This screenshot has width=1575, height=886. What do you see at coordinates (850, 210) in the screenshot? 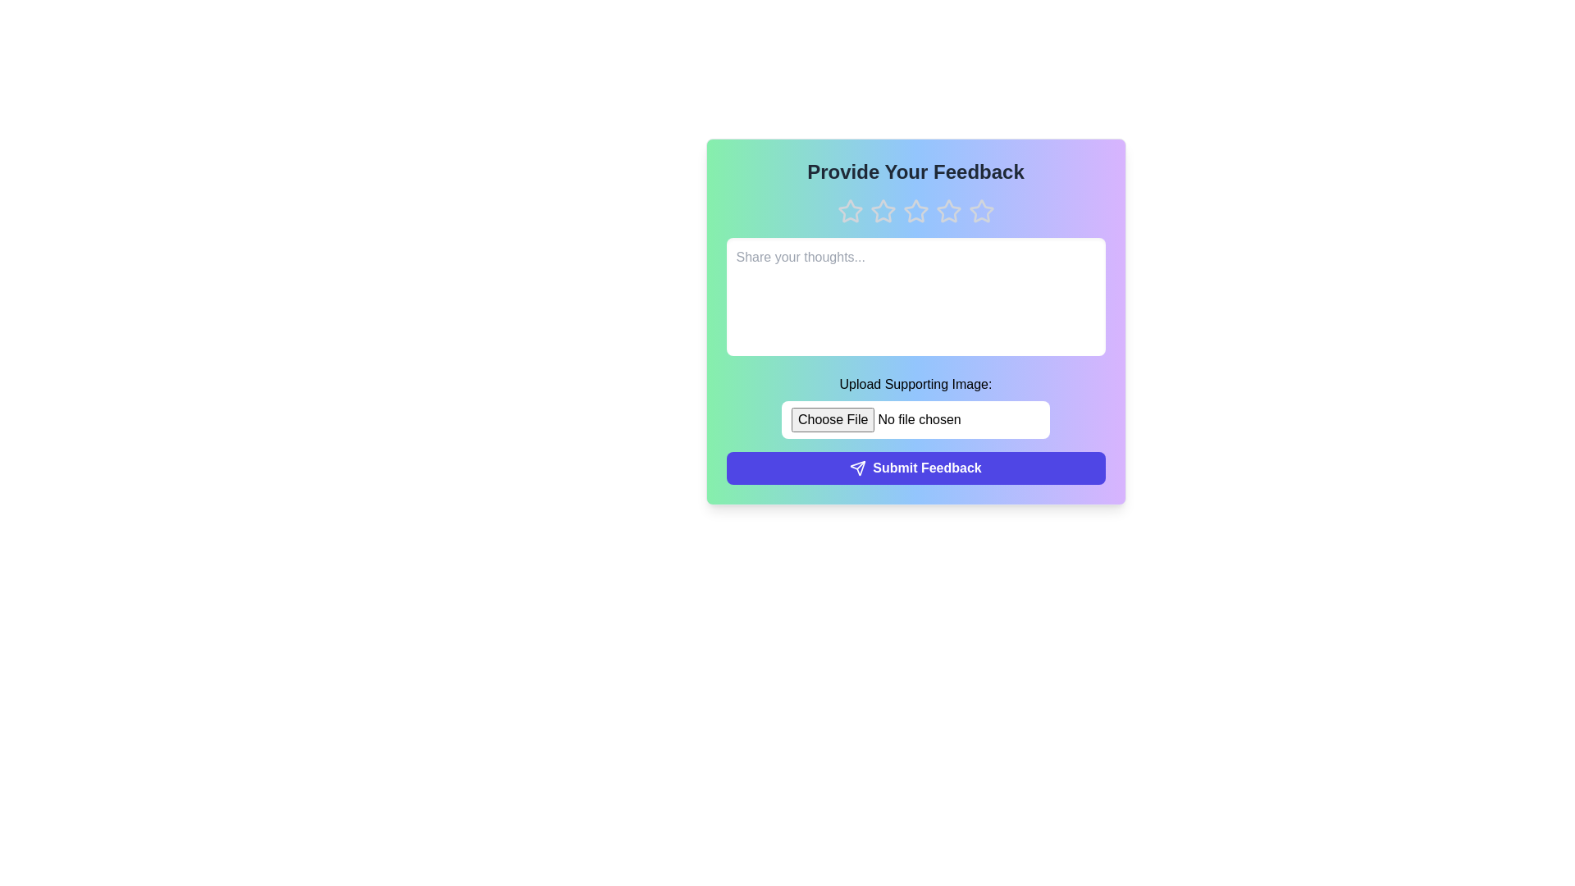
I see `the first star-shaped feedback rating icon in the 5-star feedback system` at bounding box center [850, 210].